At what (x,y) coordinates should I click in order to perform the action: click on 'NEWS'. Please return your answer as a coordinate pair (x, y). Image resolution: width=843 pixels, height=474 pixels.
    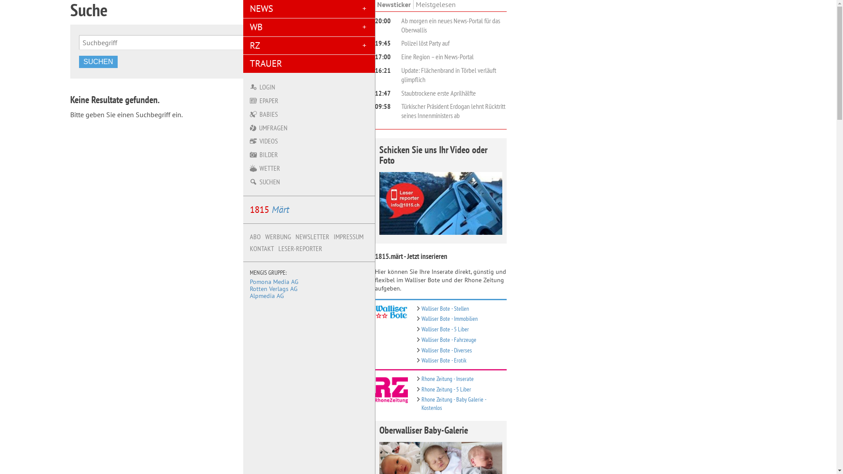
    Looking at the image, I should click on (309, 9).